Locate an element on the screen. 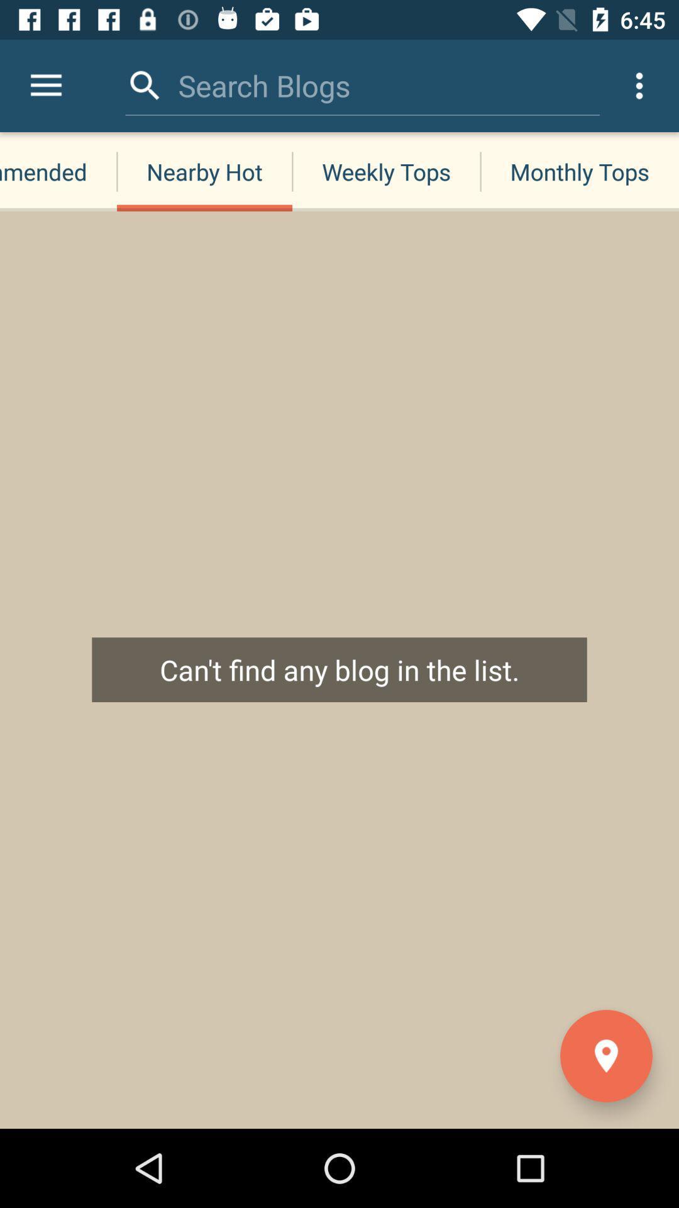  item next to monthly tops is located at coordinates (385, 171).